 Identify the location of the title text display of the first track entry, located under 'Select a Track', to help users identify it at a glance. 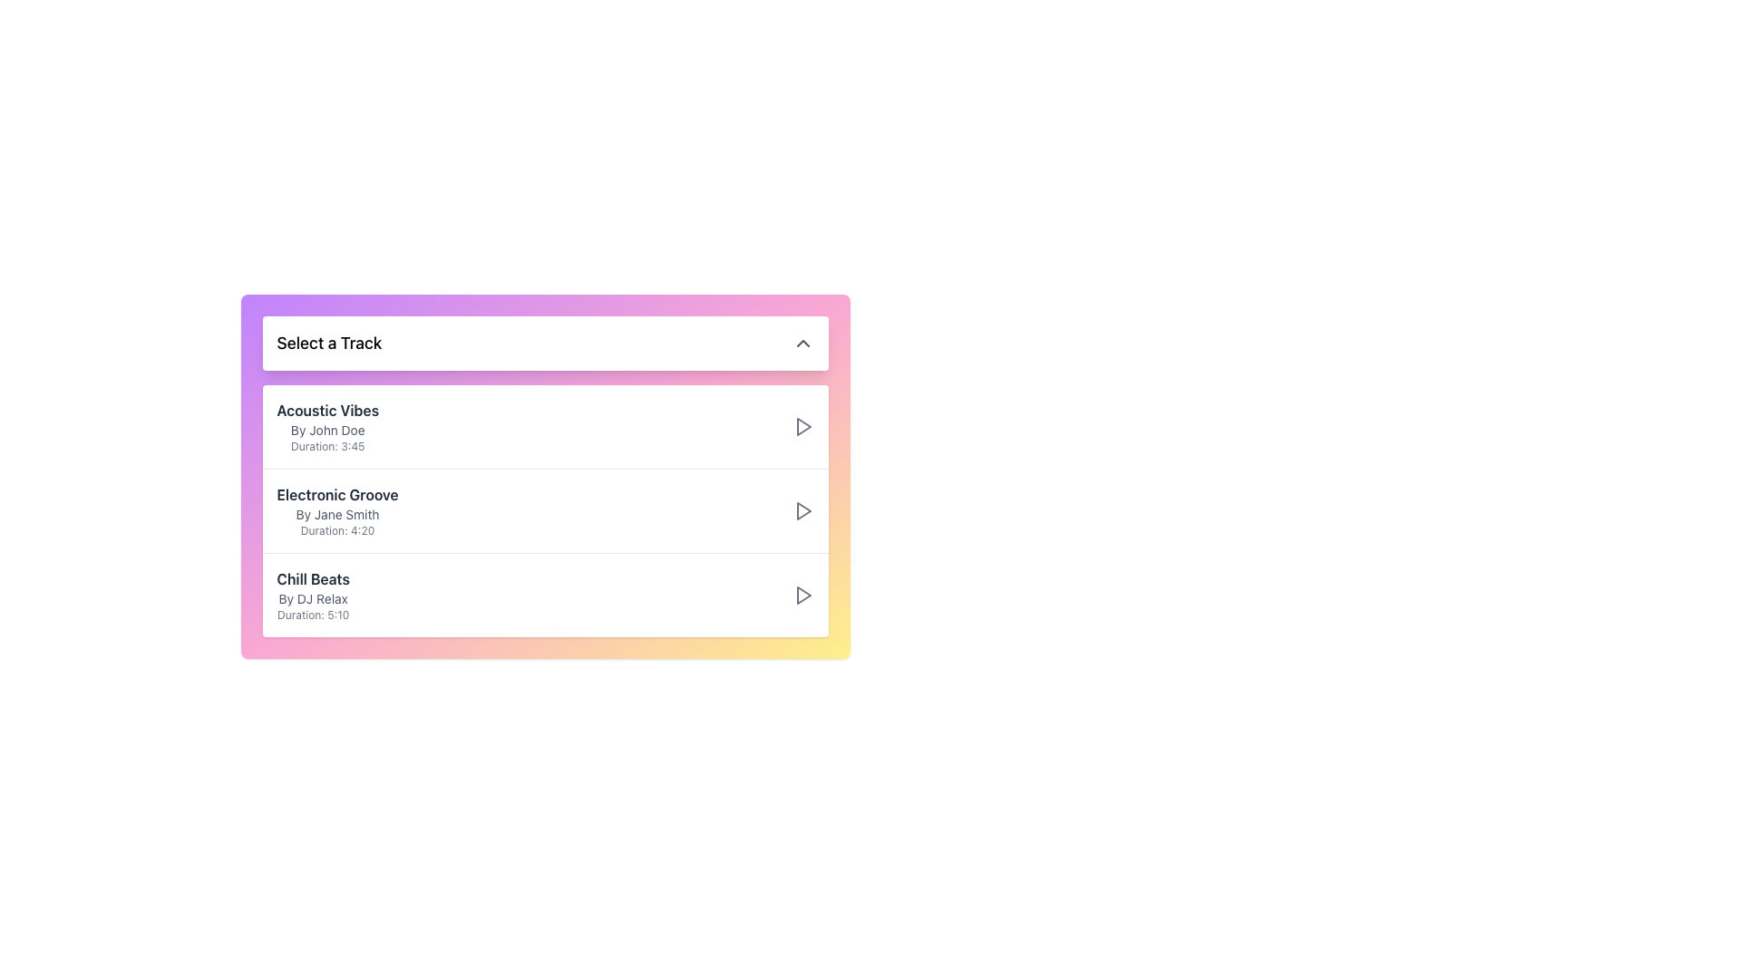
(327, 410).